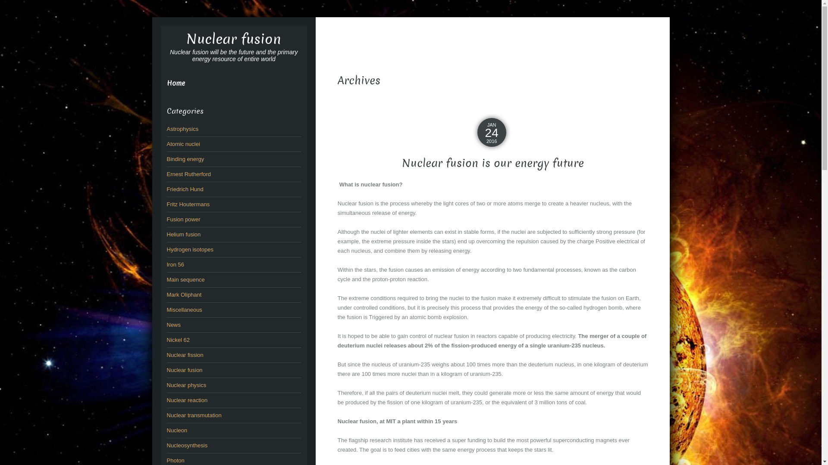 This screenshot has height=465, width=828. I want to click on 'Nucleon', so click(176, 430).